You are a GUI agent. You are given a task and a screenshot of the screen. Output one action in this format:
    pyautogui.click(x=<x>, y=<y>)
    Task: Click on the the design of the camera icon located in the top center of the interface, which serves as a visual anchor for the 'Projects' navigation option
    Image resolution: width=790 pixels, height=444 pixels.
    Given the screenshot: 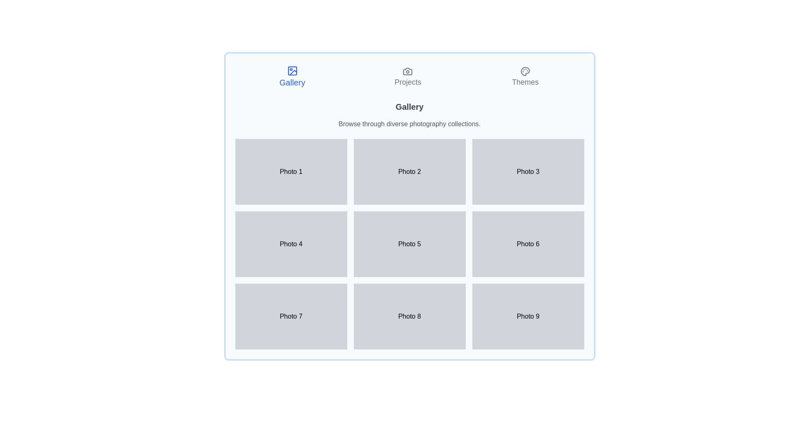 What is the action you would take?
    pyautogui.click(x=408, y=71)
    